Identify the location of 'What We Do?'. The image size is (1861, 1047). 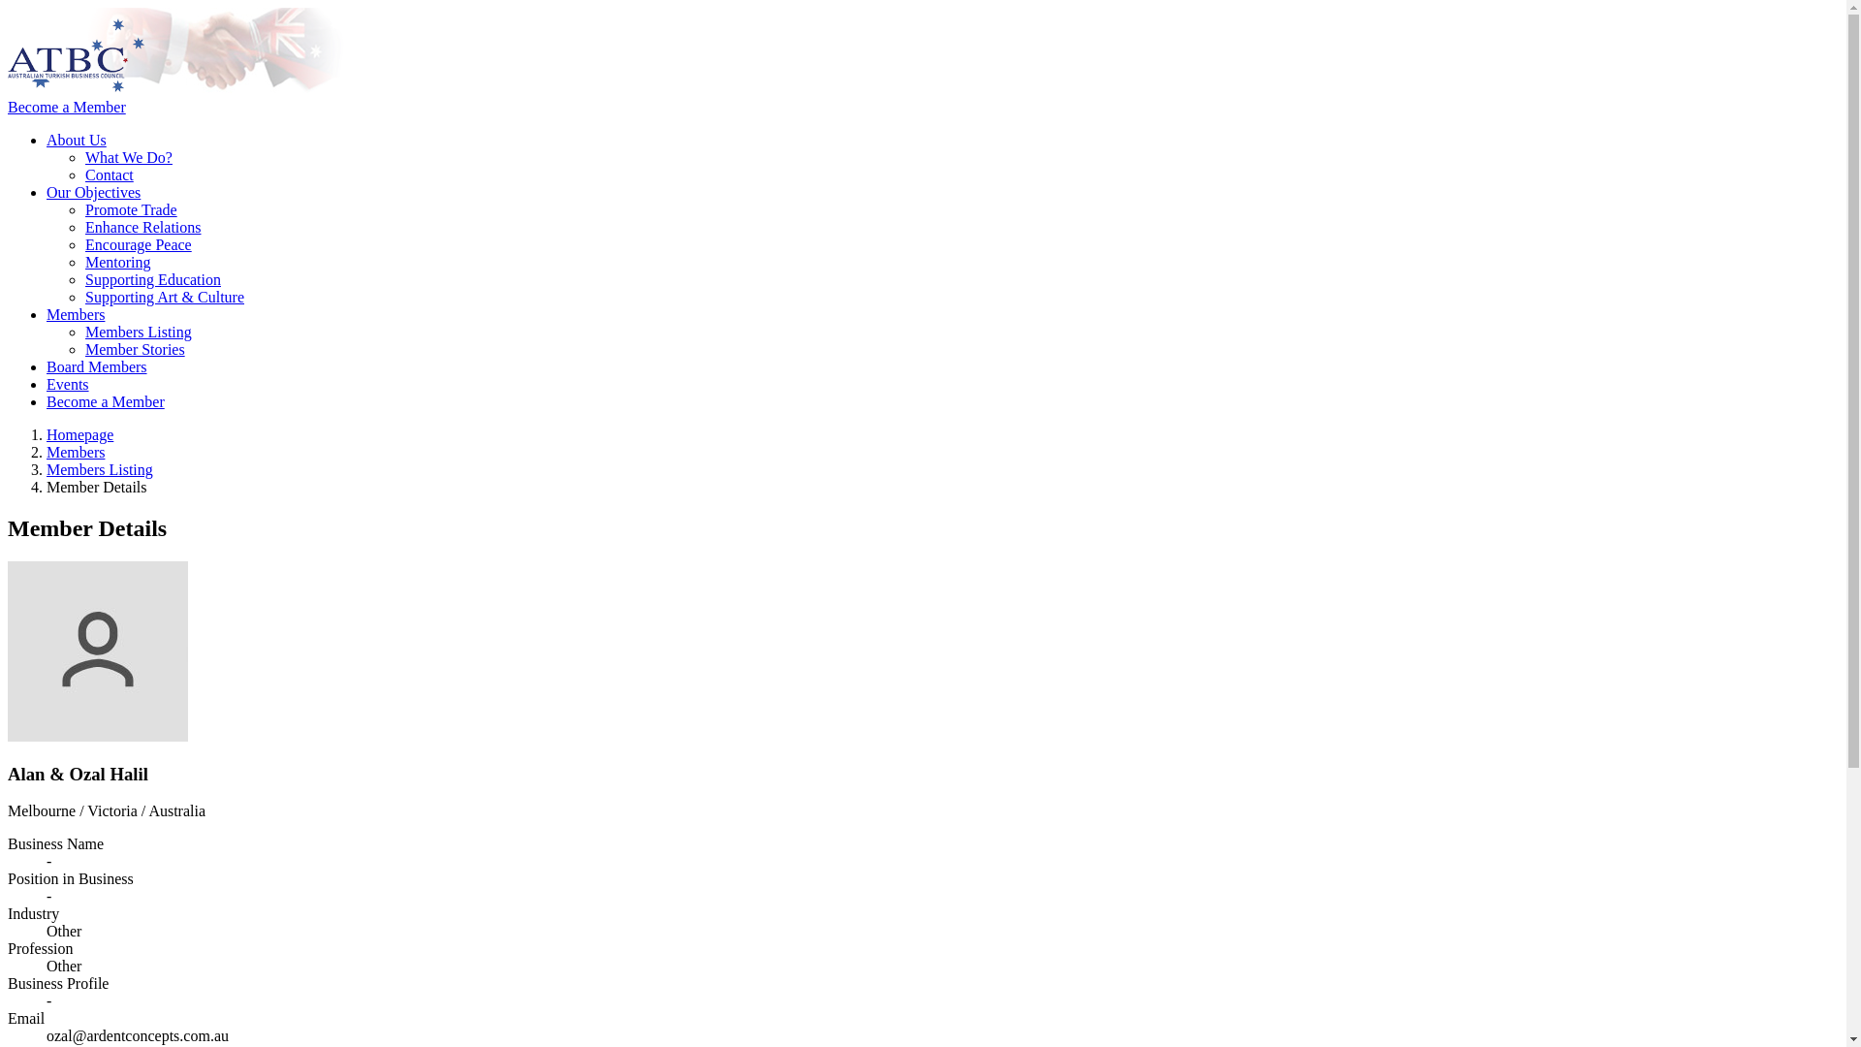
(128, 156).